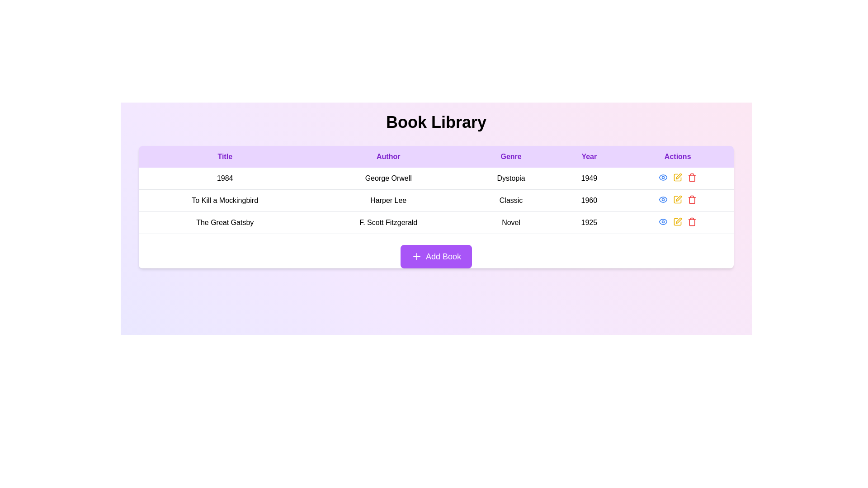 The width and height of the screenshot is (868, 488). Describe the element at coordinates (589, 223) in the screenshot. I see `the text element displaying '1925' in the 'Year' column under 'The Great Gatsby' in the 'Book Library' section` at that location.